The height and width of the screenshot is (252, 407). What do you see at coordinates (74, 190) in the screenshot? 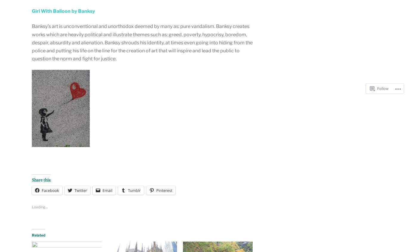
I see `'Twitter'` at bounding box center [74, 190].